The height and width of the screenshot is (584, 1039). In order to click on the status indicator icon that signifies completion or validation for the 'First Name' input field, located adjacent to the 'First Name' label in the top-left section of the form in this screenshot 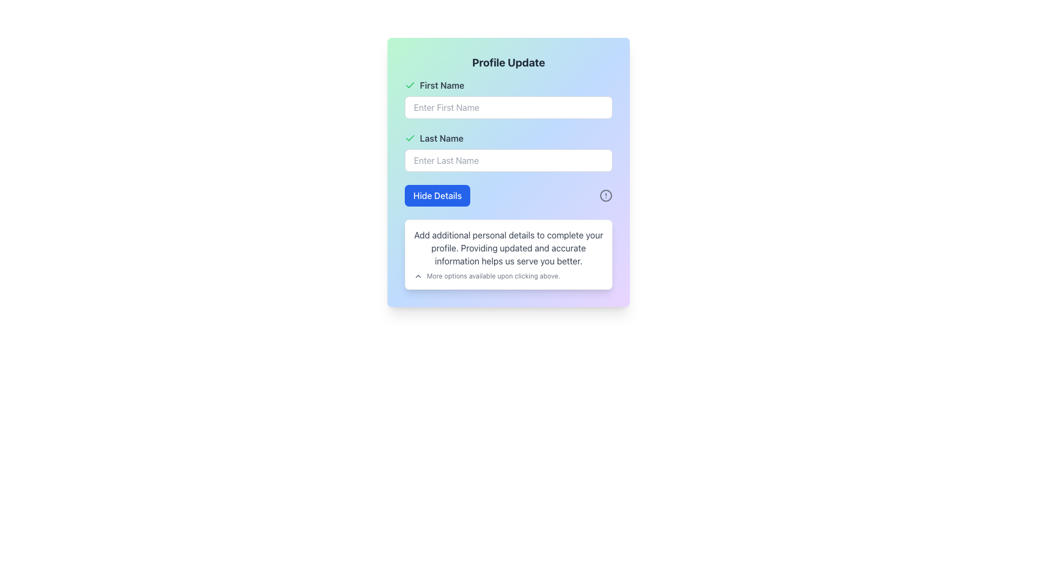, I will do `click(410, 85)`.